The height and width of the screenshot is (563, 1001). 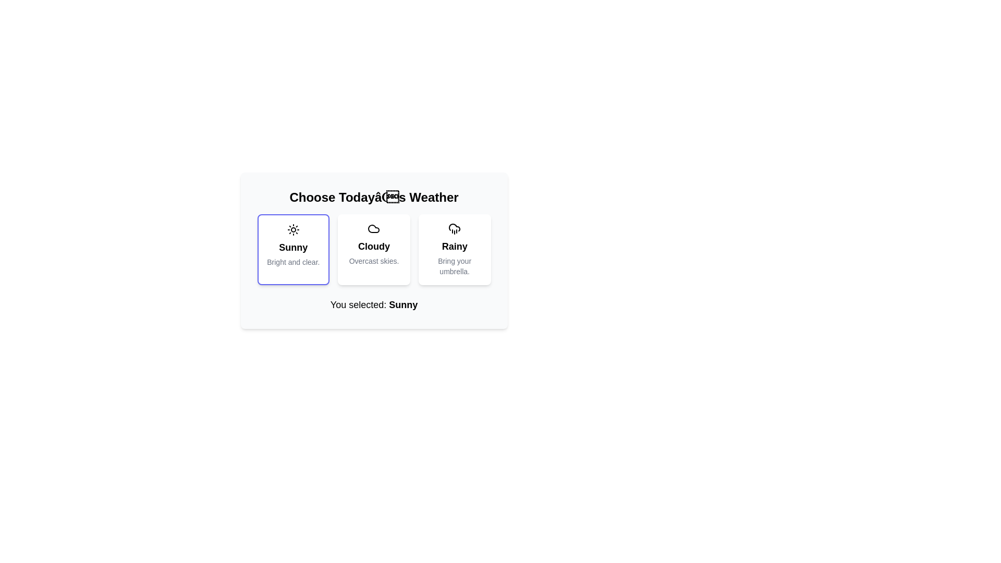 What do you see at coordinates (292, 229) in the screenshot?
I see `the 'Sunny' weather icon located in the upper section of the 'Sunny' card, which is centered horizontally above the text labels 'Sunny' and 'Bright and clear.'` at bounding box center [292, 229].